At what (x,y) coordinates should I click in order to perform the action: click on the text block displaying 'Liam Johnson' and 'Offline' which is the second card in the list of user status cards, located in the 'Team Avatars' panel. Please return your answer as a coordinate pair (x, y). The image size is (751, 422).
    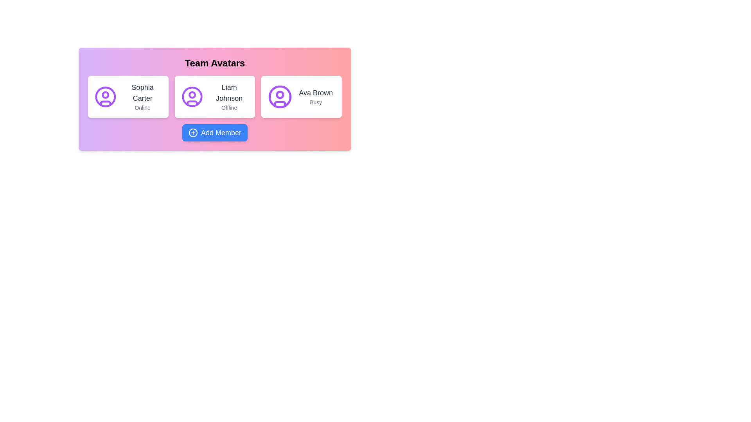
    Looking at the image, I should click on (229, 96).